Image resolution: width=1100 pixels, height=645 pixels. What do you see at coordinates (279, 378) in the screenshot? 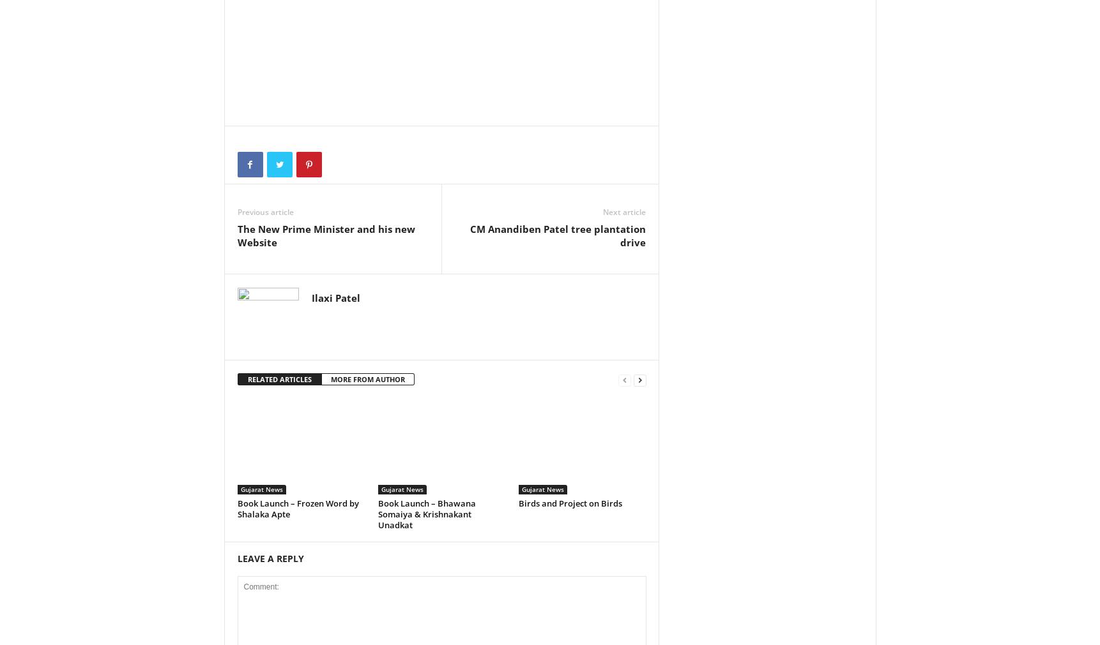
I see `'RELATED ARTICLES'` at bounding box center [279, 378].